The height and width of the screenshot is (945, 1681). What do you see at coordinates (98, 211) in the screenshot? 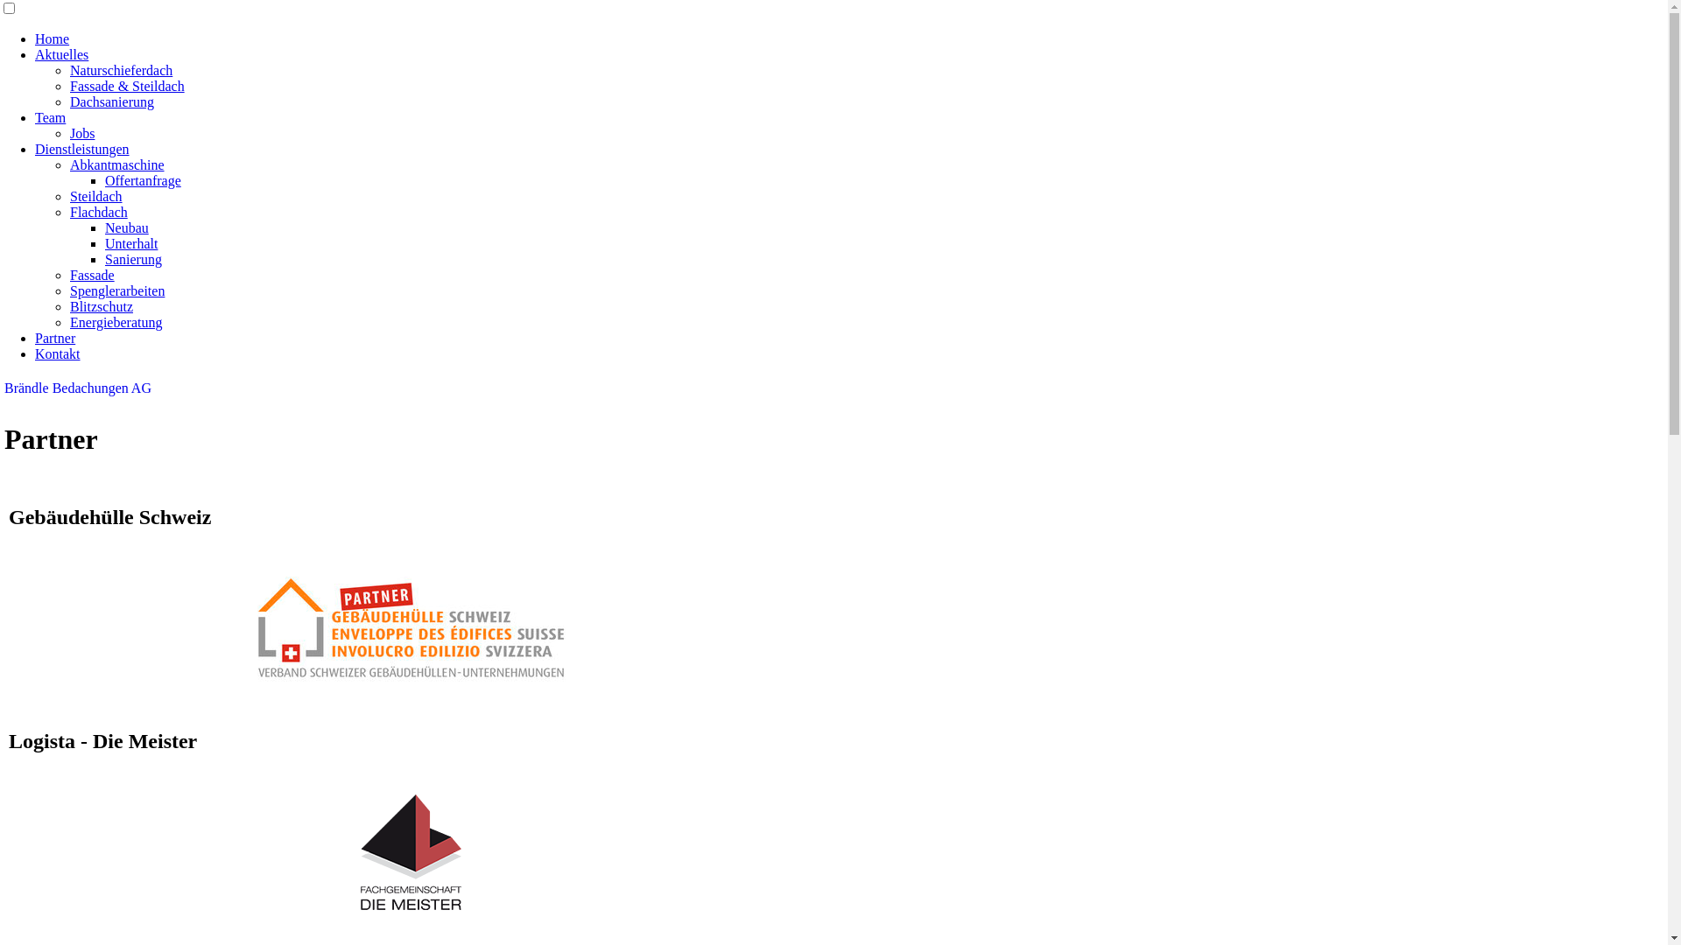
I see `'Flachdach'` at bounding box center [98, 211].